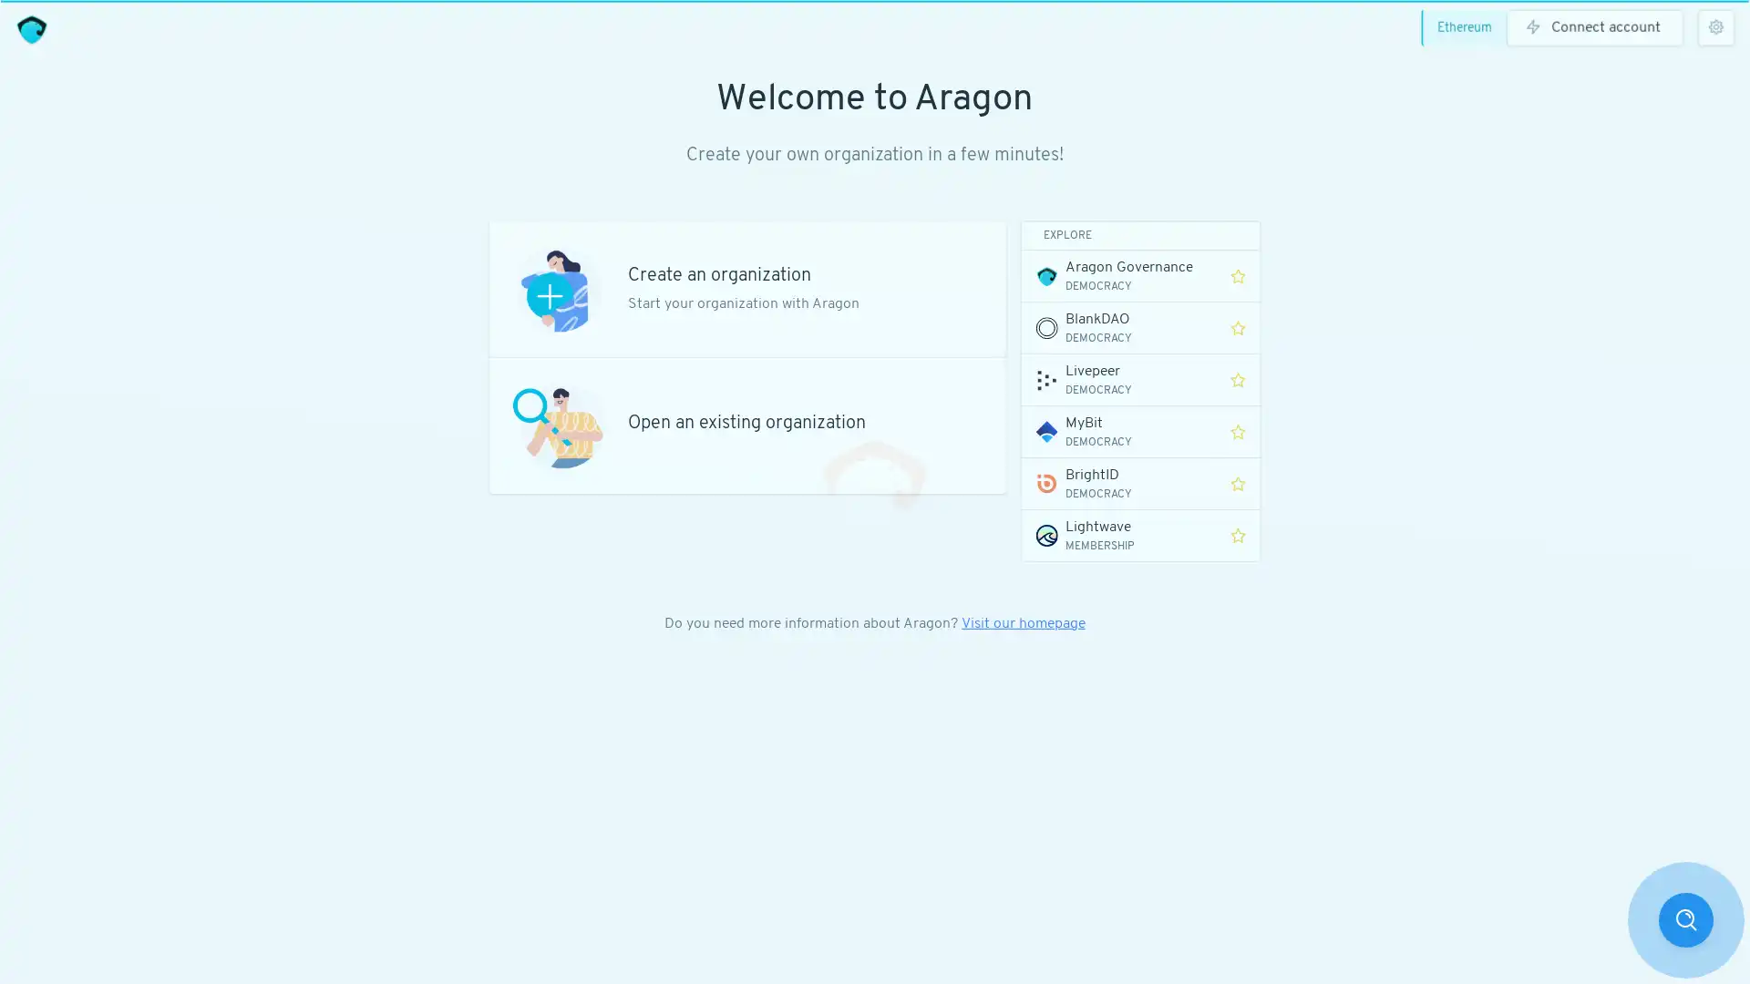 Image resolution: width=1750 pixels, height=984 pixels. I want to click on Connect account, so click(1595, 27).